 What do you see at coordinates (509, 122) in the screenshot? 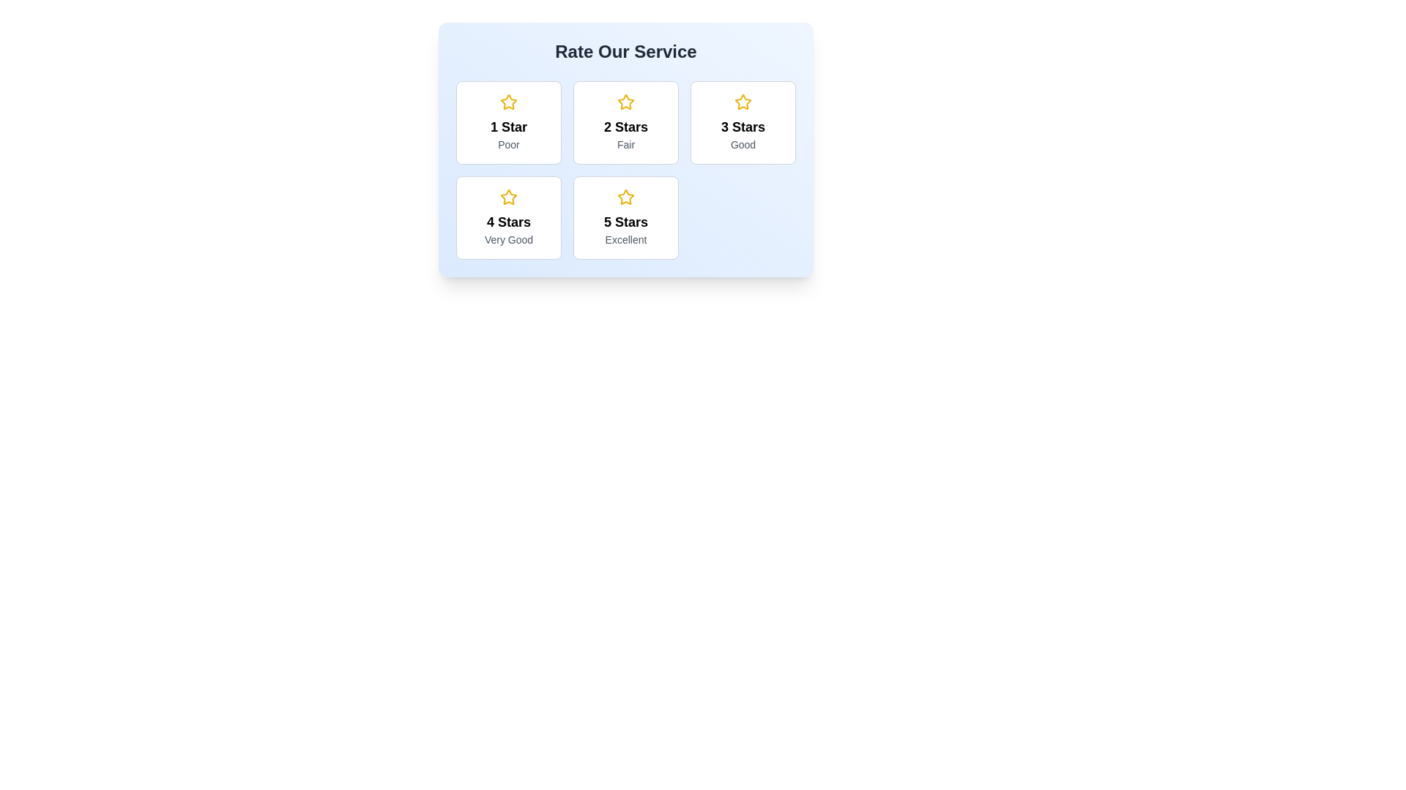
I see `the '1 Star' Rating card located in the top-left corner of the rating options grid to rate the service as 1 star` at bounding box center [509, 122].